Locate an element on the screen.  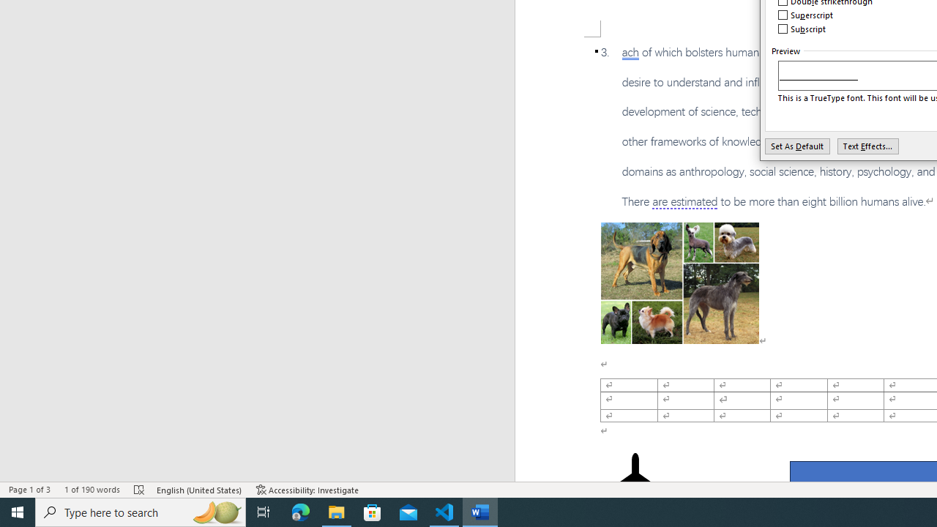
'Page Number Page 1 of 3' is located at coordinates (29, 490).